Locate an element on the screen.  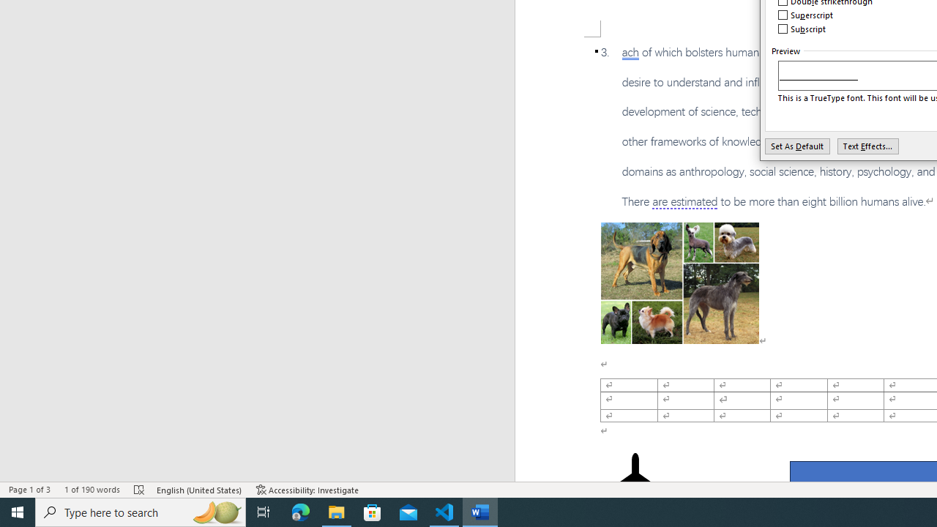
'Page Number Page 1 of 3' is located at coordinates (29, 490).